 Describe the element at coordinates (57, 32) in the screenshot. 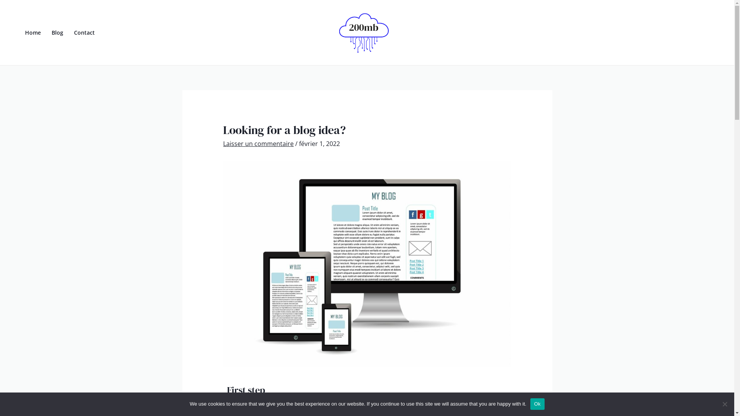

I see `'Blog'` at that location.